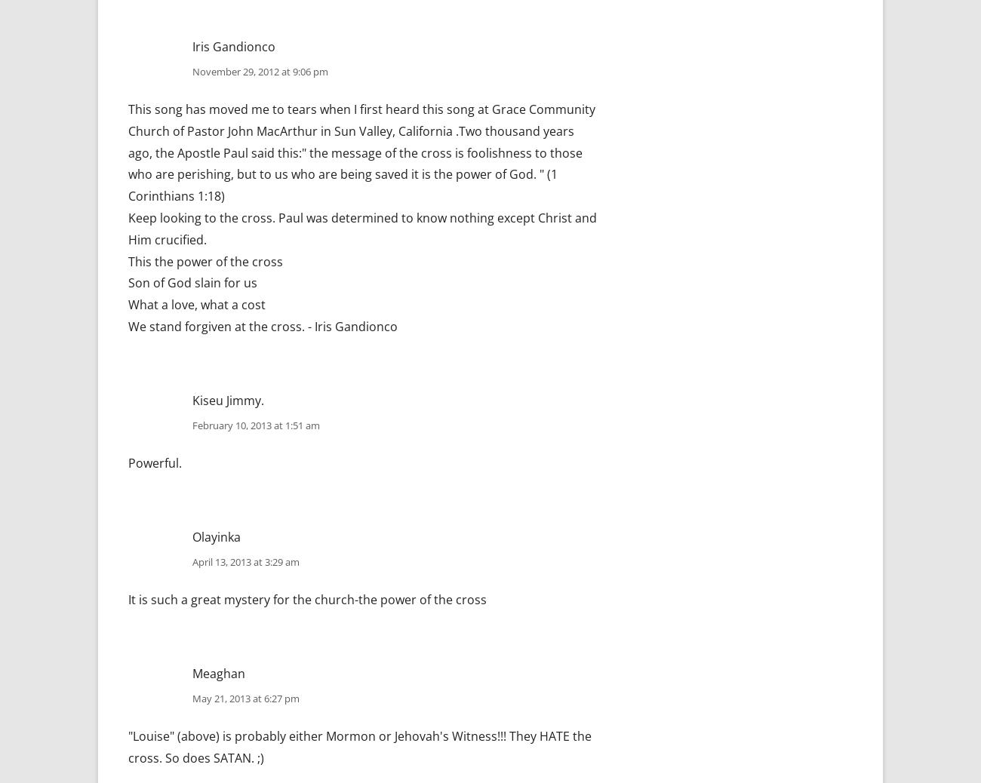  Describe the element at coordinates (192, 697) in the screenshot. I see `'May 21, 2013 at 6:27 pm'` at that location.